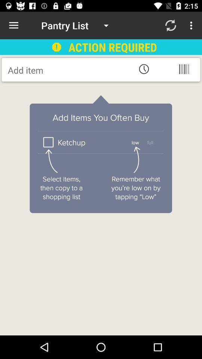  Describe the element at coordinates (68, 70) in the screenshot. I see `button` at that location.